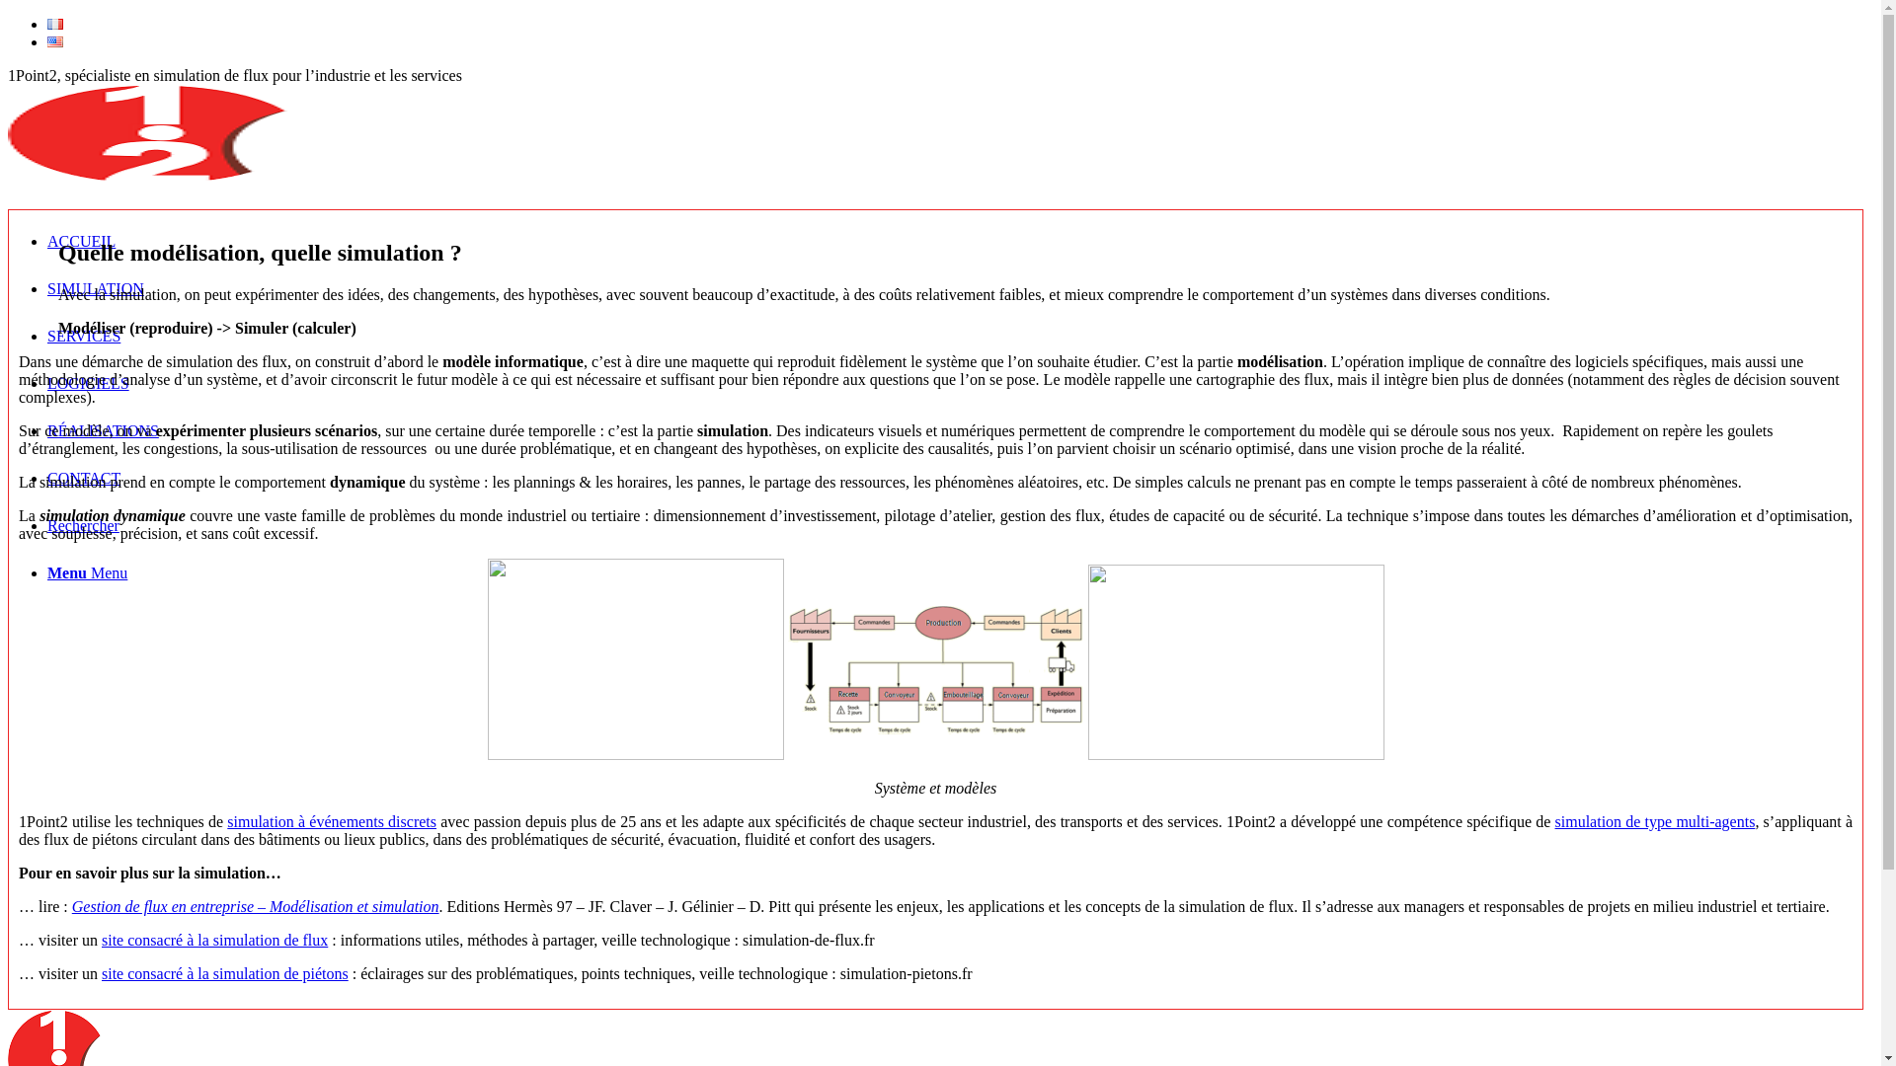 This screenshot has width=1896, height=1066. What do you see at coordinates (86, 572) in the screenshot?
I see `'Menu Menu'` at bounding box center [86, 572].